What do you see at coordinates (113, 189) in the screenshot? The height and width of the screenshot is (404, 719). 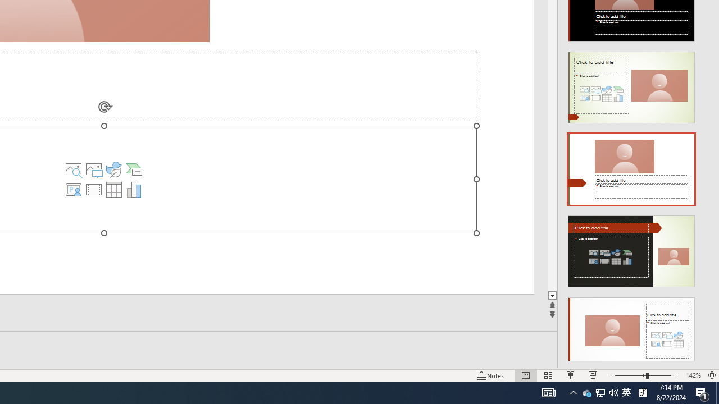 I see `'Insert Table'` at bounding box center [113, 189].